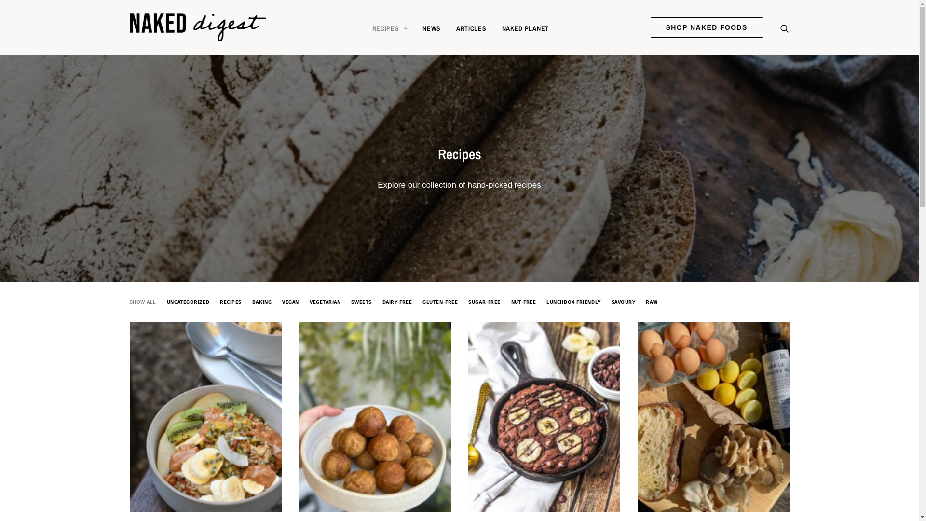 Image resolution: width=926 pixels, height=521 pixels. Describe the element at coordinates (360, 302) in the screenshot. I see `'SWEETS'` at that location.